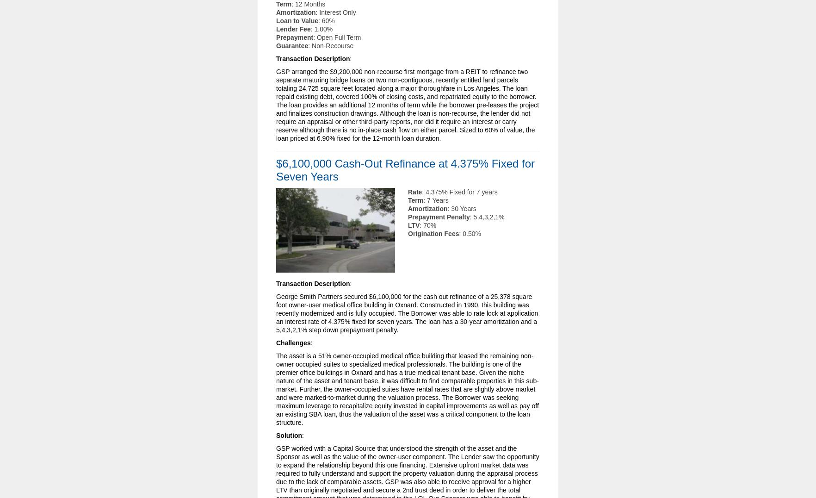 Image resolution: width=816 pixels, height=498 pixels. I want to click on 'Solution', so click(289, 434).